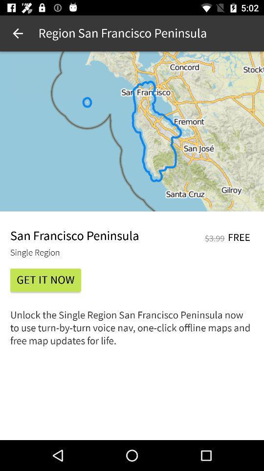 This screenshot has width=264, height=471. Describe the element at coordinates (132, 331) in the screenshot. I see `icon below get it now` at that location.